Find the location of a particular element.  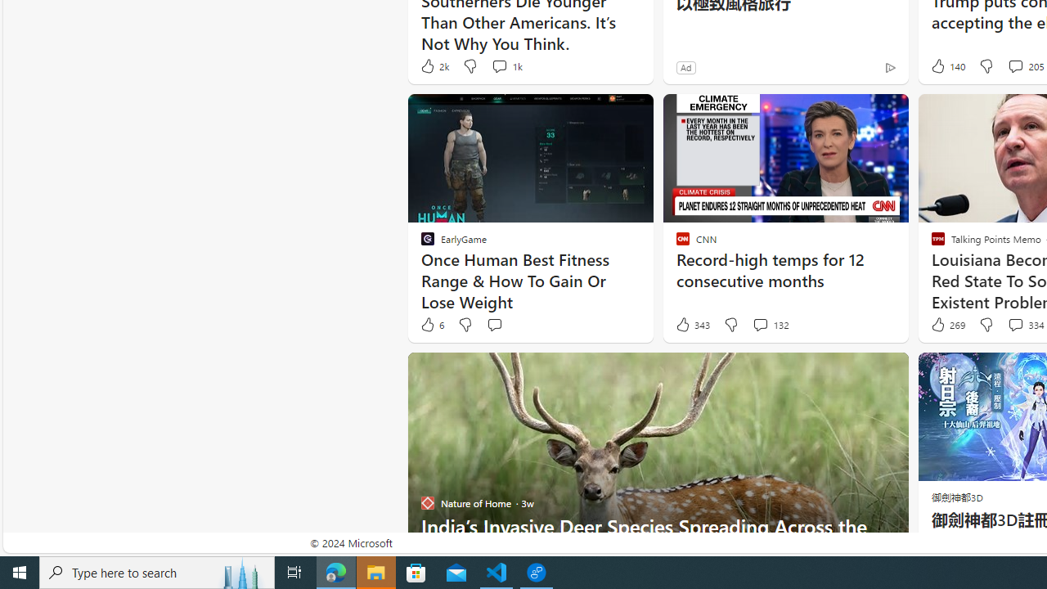

'View comments 1k Comment' is located at coordinates (505, 65).